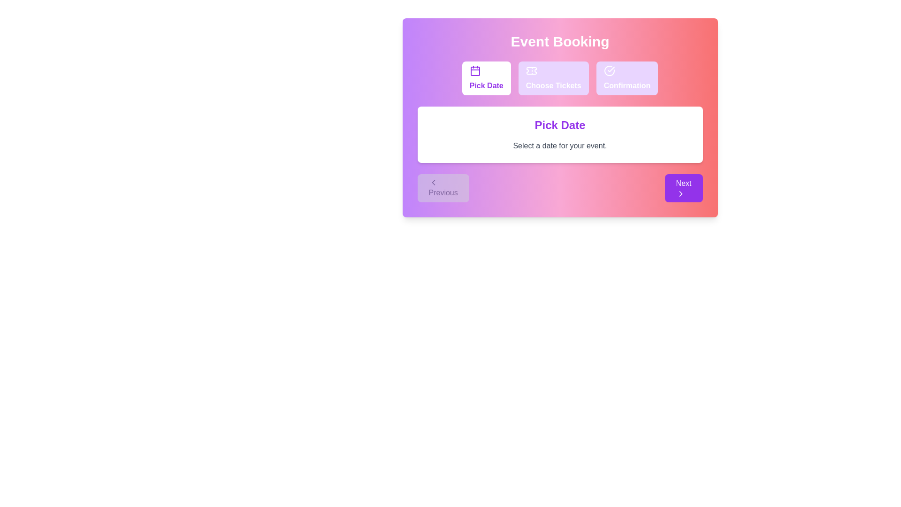  I want to click on the 'Previous' button located at the bottom left corner of the step navigation interface, so click(443, 188).